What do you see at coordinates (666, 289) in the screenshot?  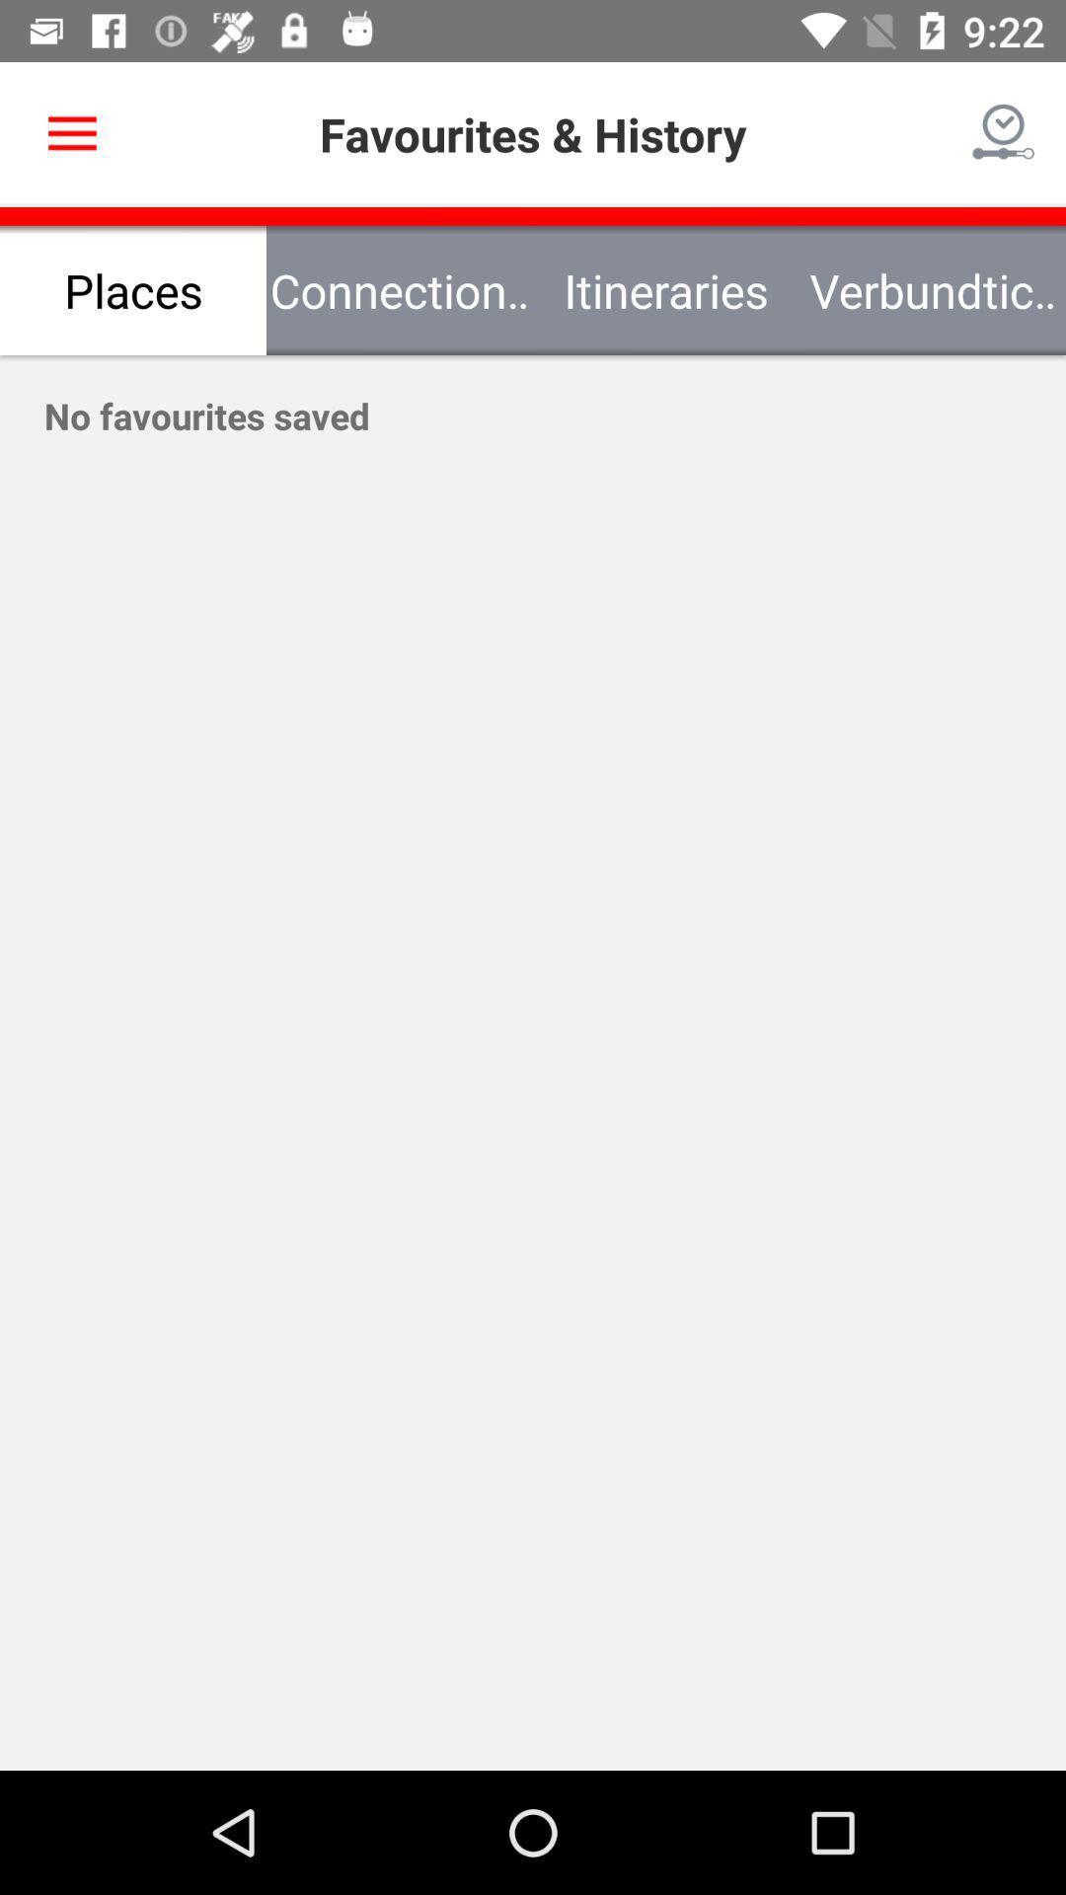 I see `the icon to the left of the verbundtickets` at bounding box center [666, 289].